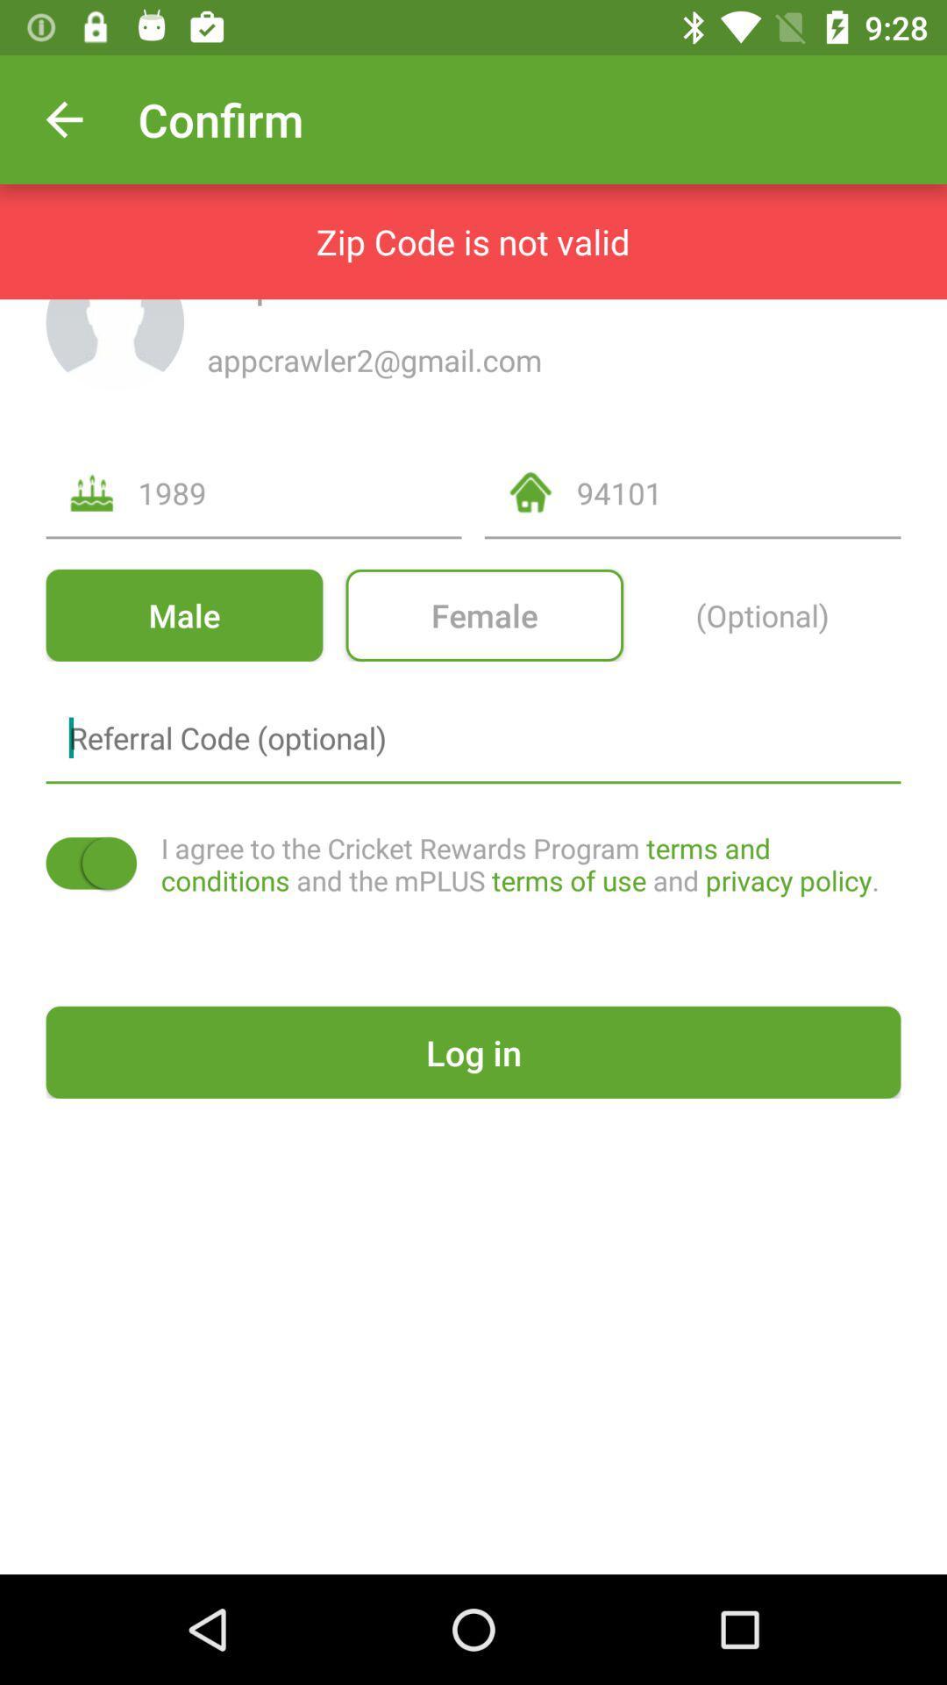  What do you see at coordinates (184, 615) in the screenshot?
I see `the item next to female` at bounding box center [184, 615].